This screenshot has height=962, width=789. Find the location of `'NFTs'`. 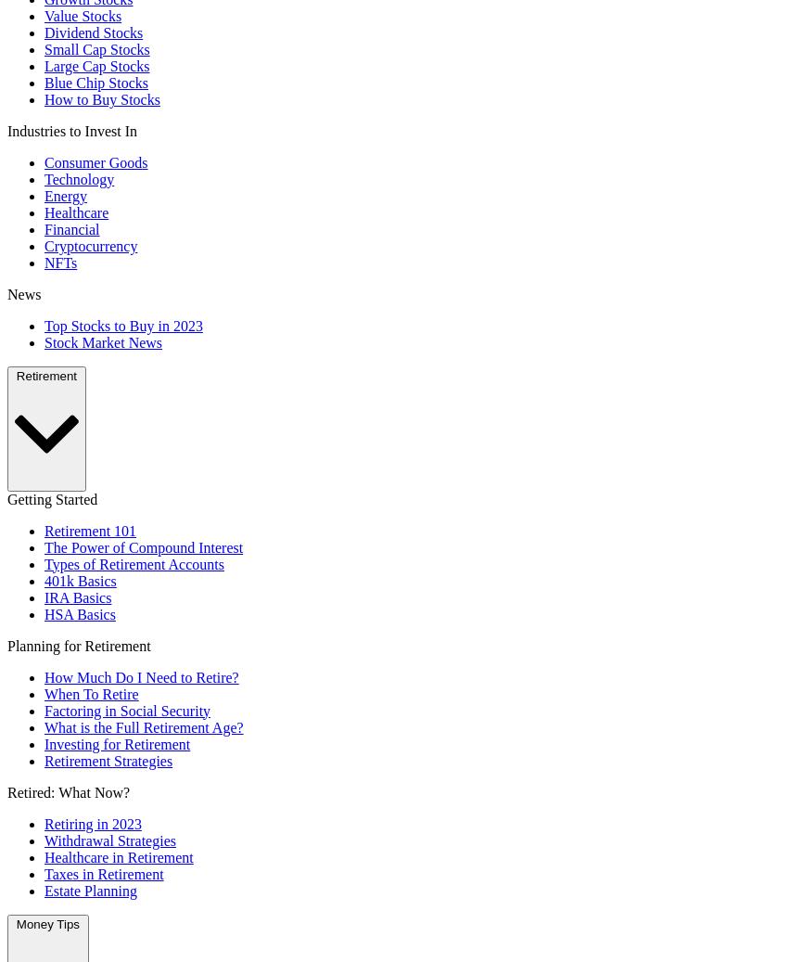

'NFTs' is located at coordinates (60, 262).